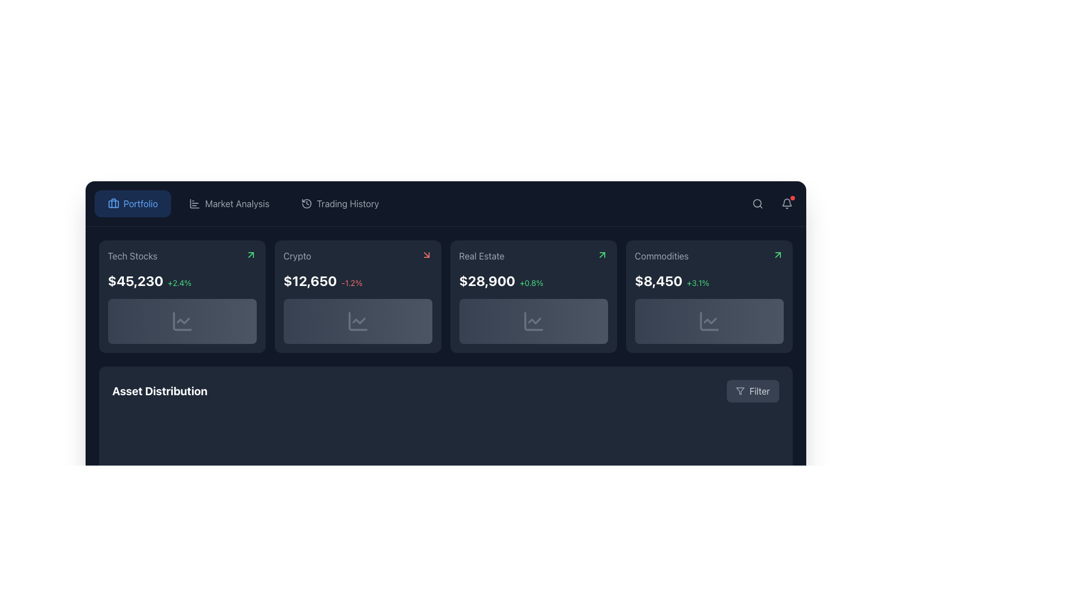 The height and width of the screenshot is (608, 1081). I want to click on the text label displaying '+0.8%' located in the 'Real Estate' card, positioned to the right of the main numeric value '$28,900', so click(531, 282).